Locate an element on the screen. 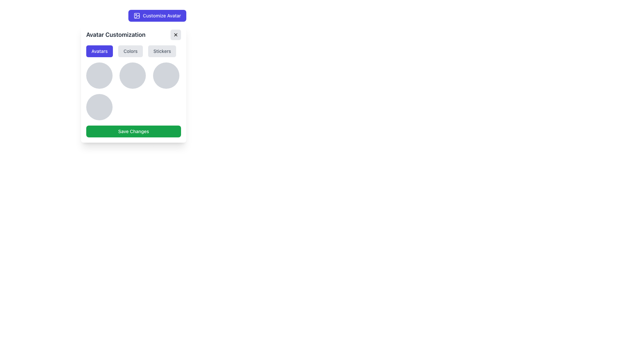 The width and height of the screenshot is (632, 355). the compact line-art icon within the 'Customize Avatar' button, which is located at the top-left of the interface is located at coordinates (137, 15).